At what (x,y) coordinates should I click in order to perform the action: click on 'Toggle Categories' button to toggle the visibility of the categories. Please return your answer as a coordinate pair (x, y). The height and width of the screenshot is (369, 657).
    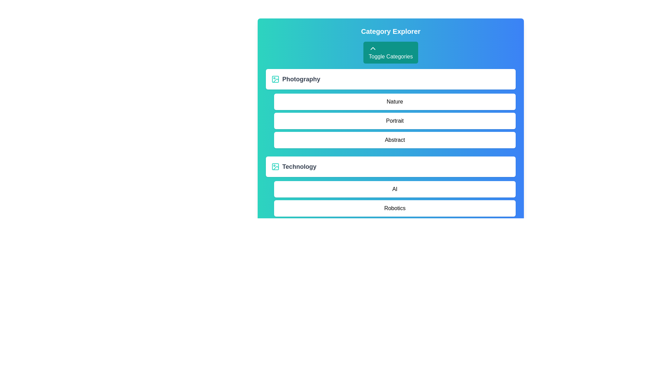
    Looking at the image, I should click on (391, 52).